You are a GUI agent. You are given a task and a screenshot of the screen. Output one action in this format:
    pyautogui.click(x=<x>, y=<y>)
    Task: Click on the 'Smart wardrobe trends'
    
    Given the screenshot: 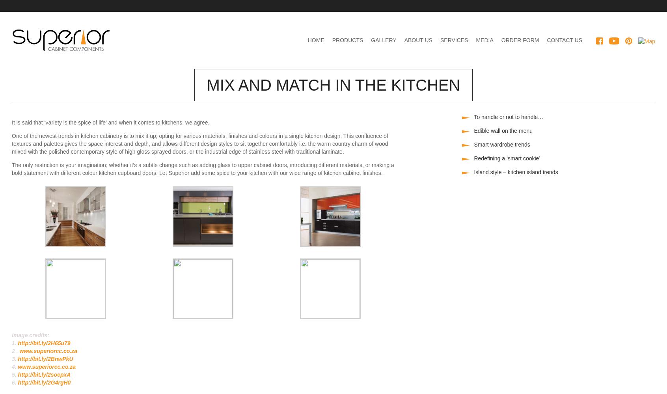 What is the action you would take?
    pyautogui.click(x=501, y=144)
    